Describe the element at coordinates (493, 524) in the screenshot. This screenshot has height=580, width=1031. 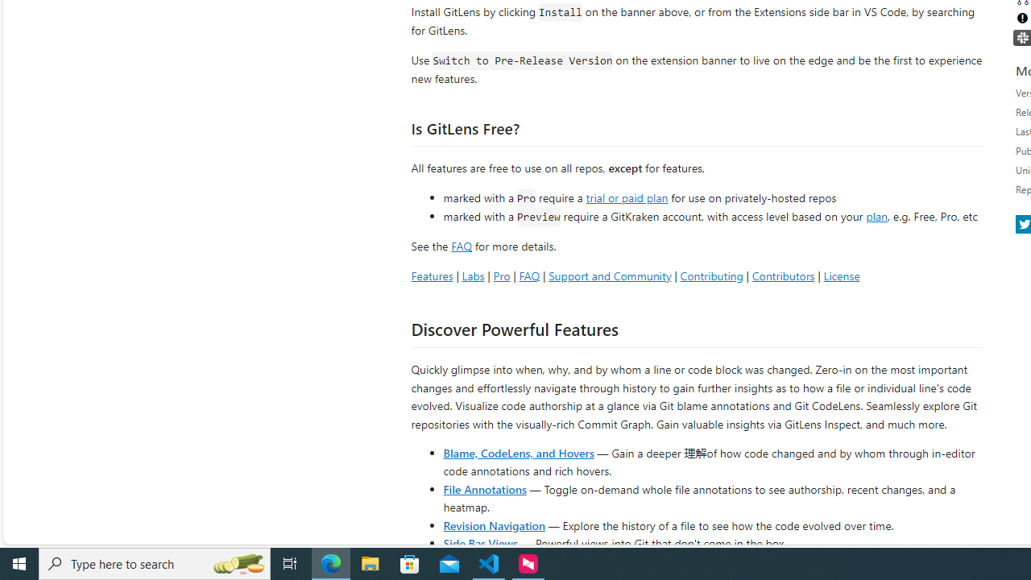
I see `'Revision Navigation'` at that location.